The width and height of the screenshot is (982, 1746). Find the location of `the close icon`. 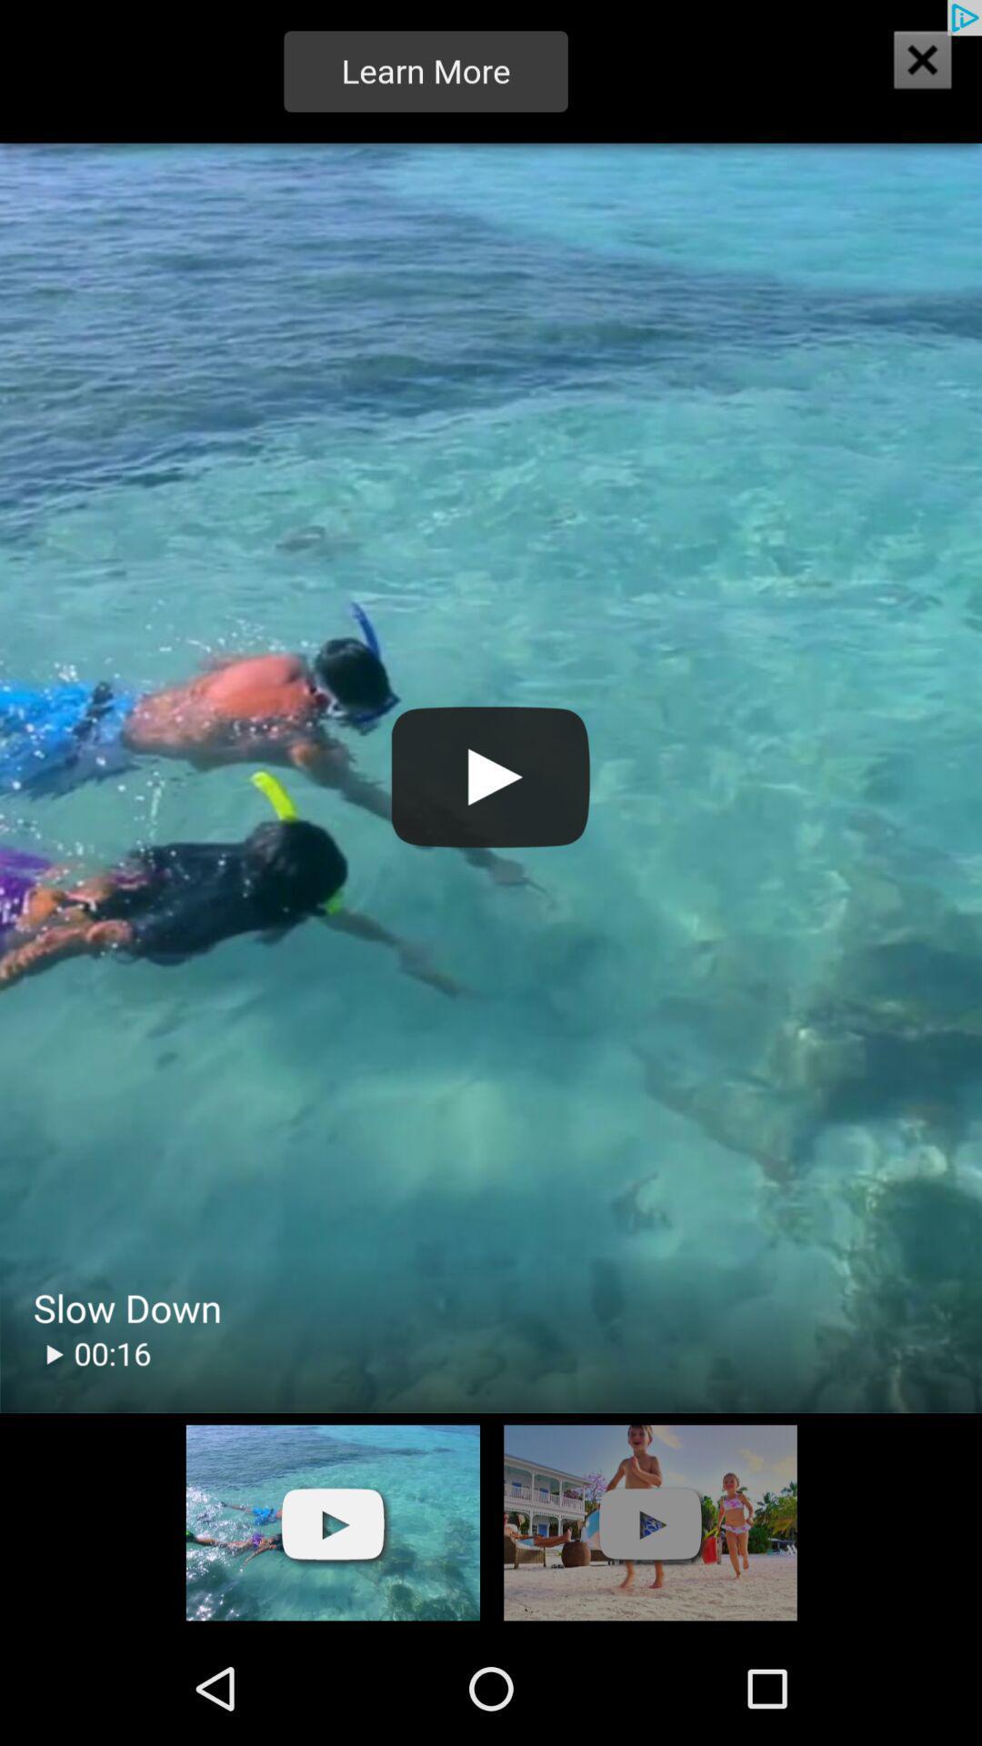

the close icon is located at coordinates (922, 64).